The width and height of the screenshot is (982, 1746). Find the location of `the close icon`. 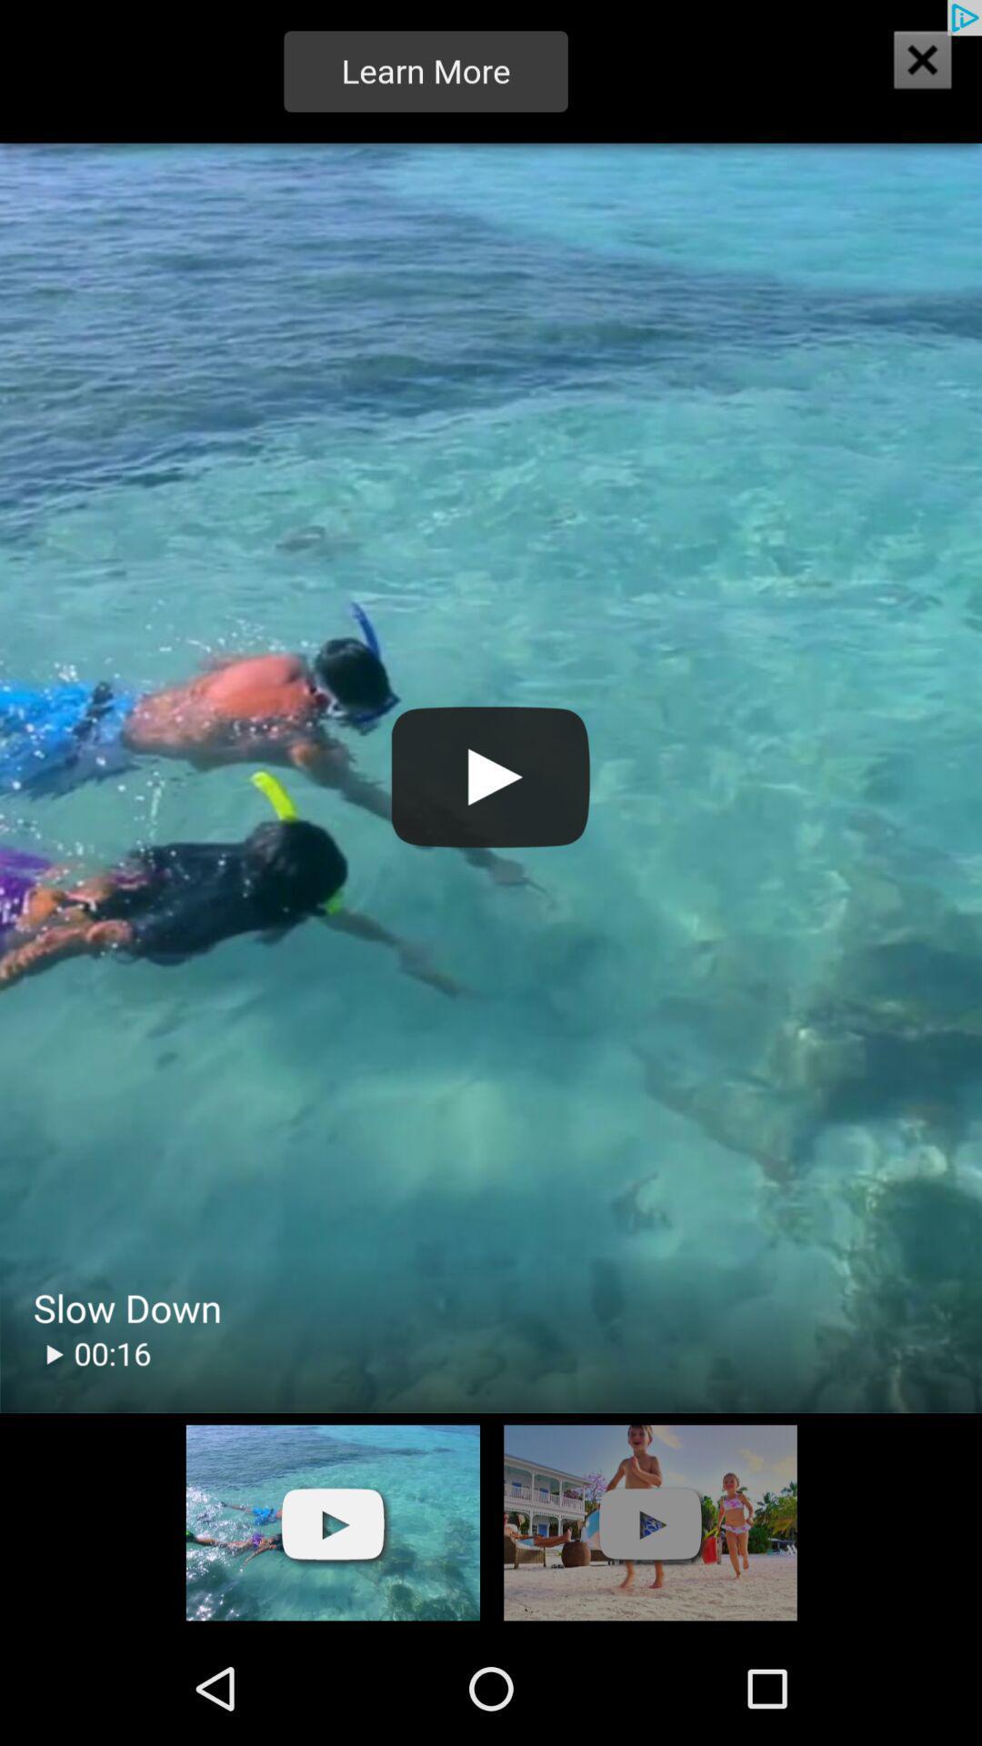

the close icon is located at coordinates (922, 64).